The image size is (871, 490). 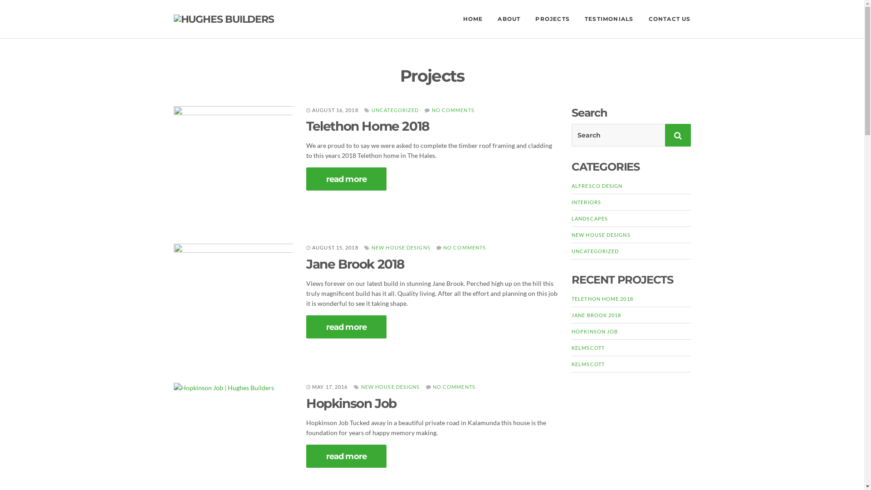 What do you see at coordinates (509, 20) in the screenshot?
I see `'ABOUT'` at bounding box center [509, 20].